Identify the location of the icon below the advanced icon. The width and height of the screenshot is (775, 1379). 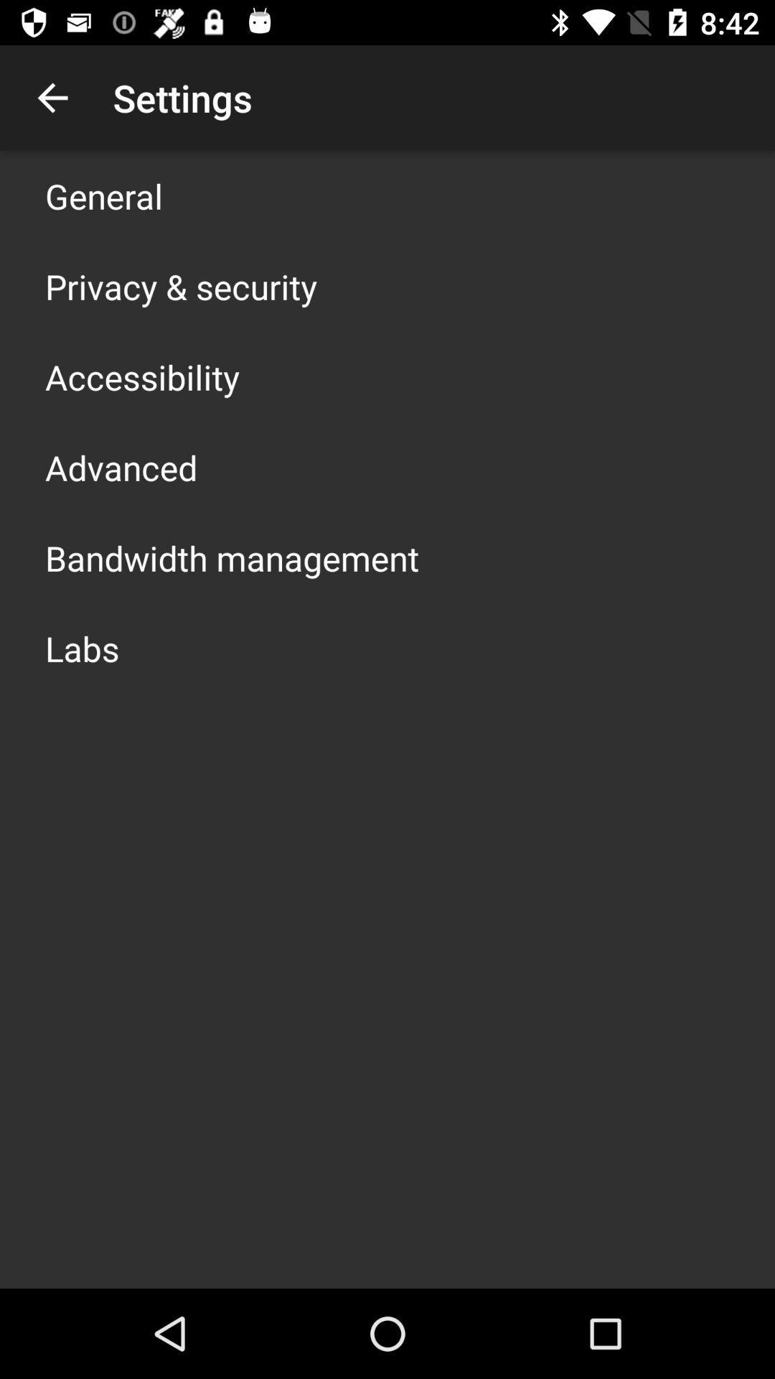
(231, 557).